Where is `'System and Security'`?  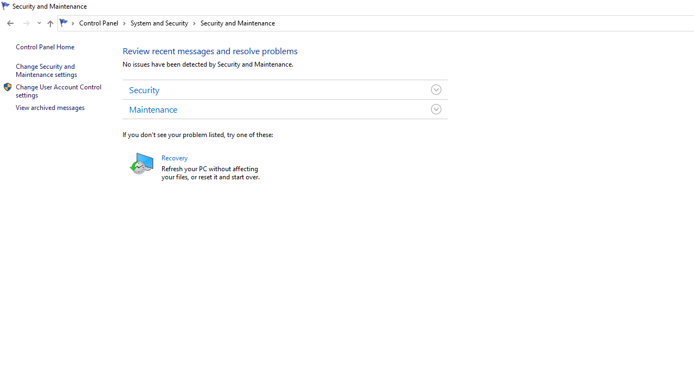
'System and Security' is located at coordinates (163, 23).